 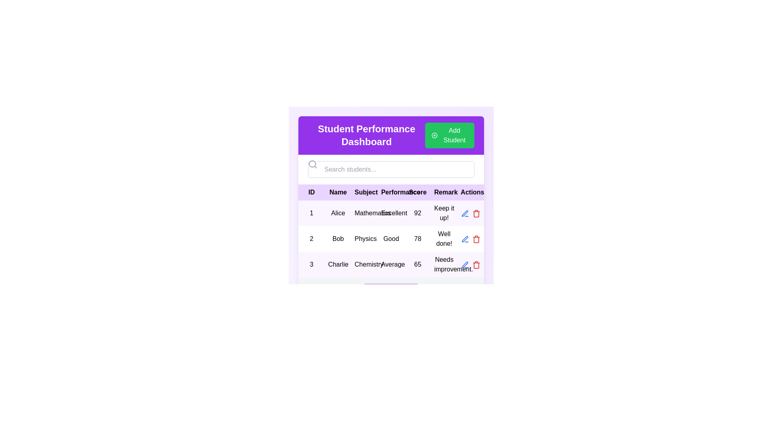 What do you see at coordinates (470, 192) in the screenshot?
I see `the text label displaying 'Actions' in bold font, located at the top-right corner of the table header row with a light purple background` at bounding box center [470, 192].